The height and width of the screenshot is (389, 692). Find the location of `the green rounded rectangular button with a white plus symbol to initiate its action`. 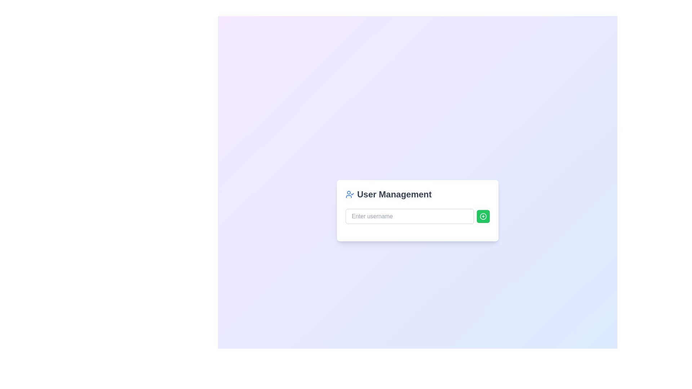

the green rounded rectangular button with a white plus symbol to initiate its action is located at coordinates (483, 216).